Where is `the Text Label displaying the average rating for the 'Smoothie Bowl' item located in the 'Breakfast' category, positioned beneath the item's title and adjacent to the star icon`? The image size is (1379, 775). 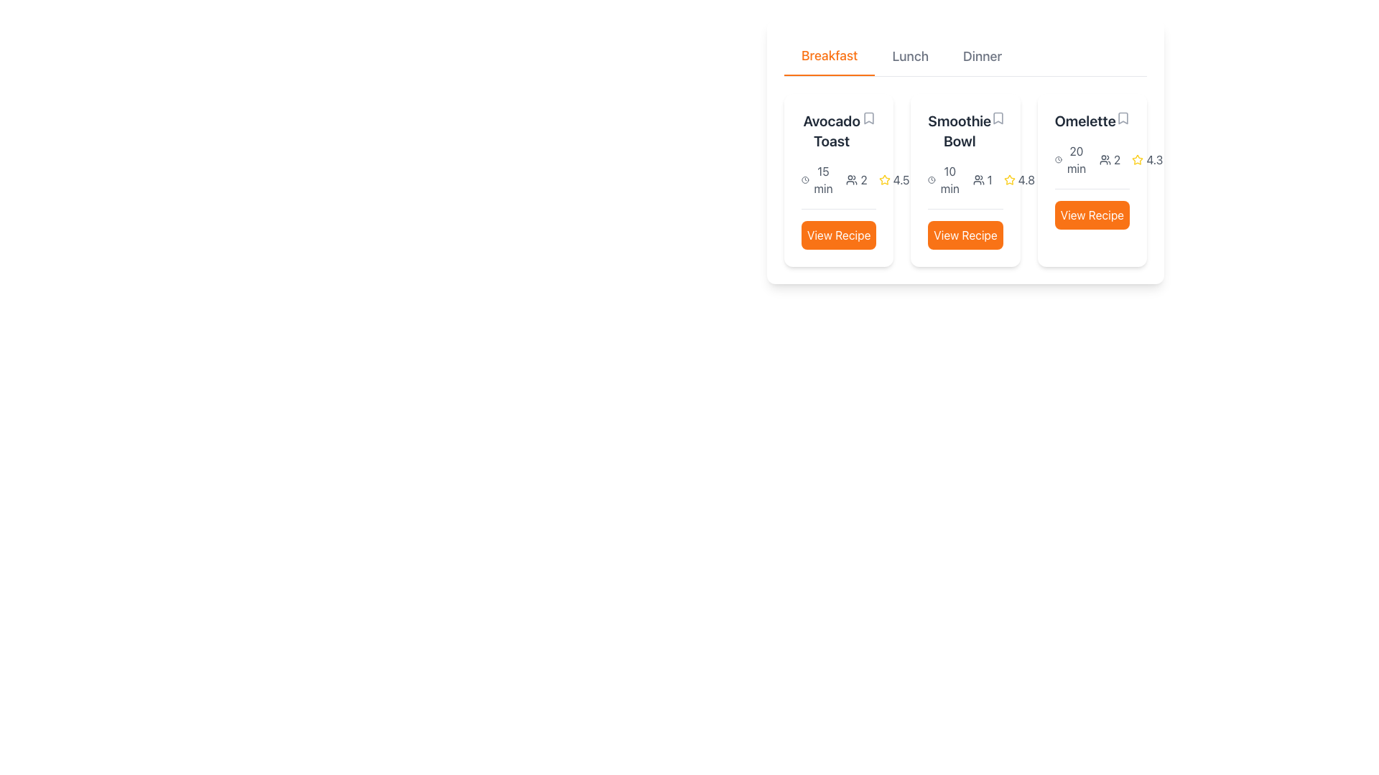 the Text Label displaying the average rating for the 'Smoothie Bowl' item located in the 'Breakfast' category, positioned beneath the item's title and adjacent to the star icon is located at coordinates (893, 179).